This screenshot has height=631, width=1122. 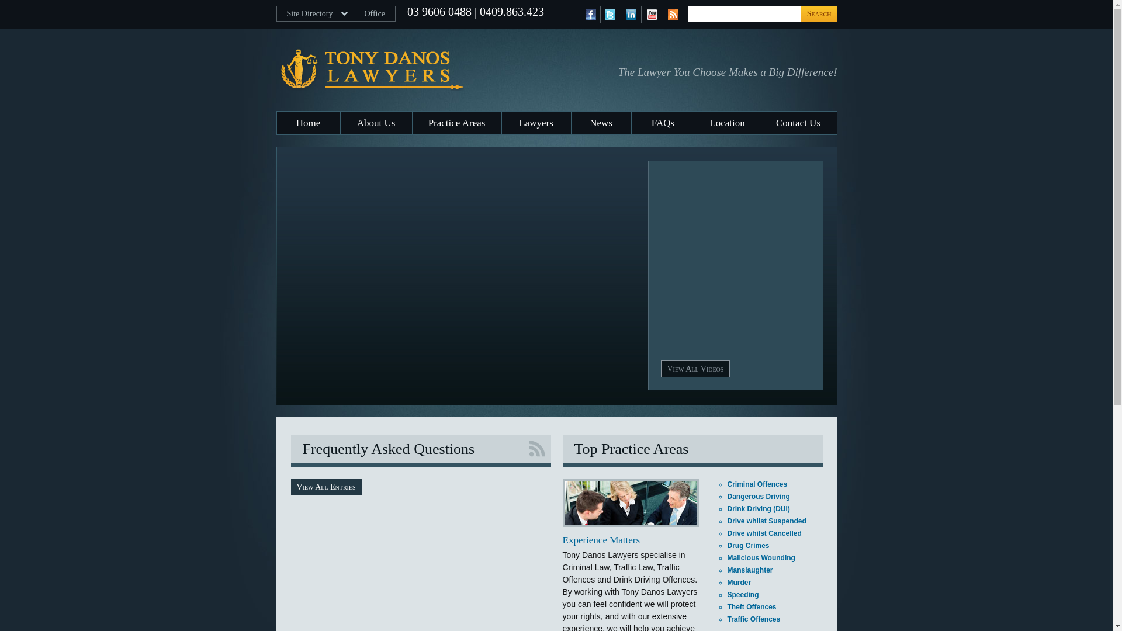 I want to click on 'Office', so click(x=375, y=13).